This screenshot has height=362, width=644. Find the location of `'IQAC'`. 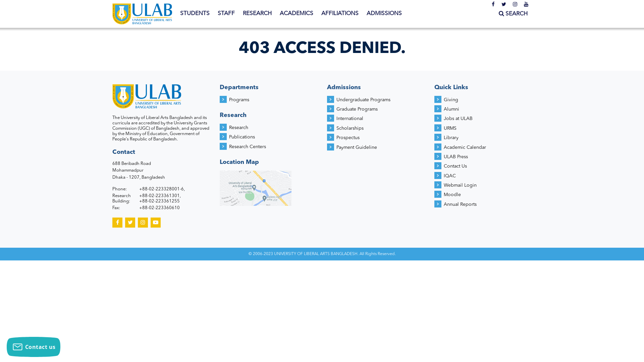

'IQAC' is located at coordinates (449, 175).